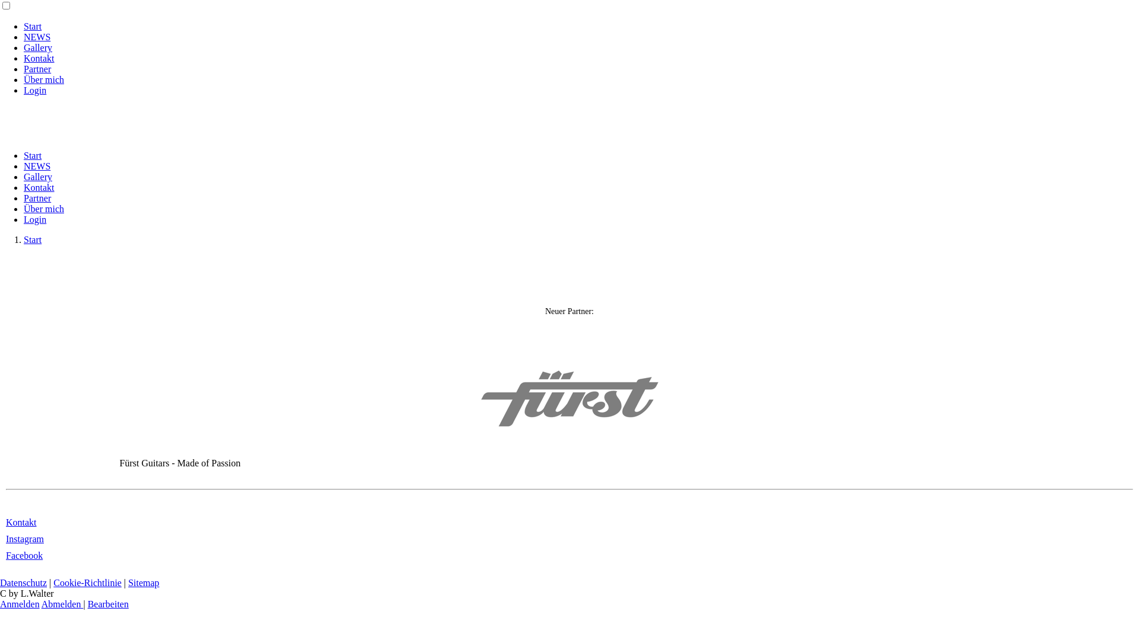 Image resolution: width=1139 pixels, height=640 pixels. I want to click on 'Datenschutz', so click(0, 582).